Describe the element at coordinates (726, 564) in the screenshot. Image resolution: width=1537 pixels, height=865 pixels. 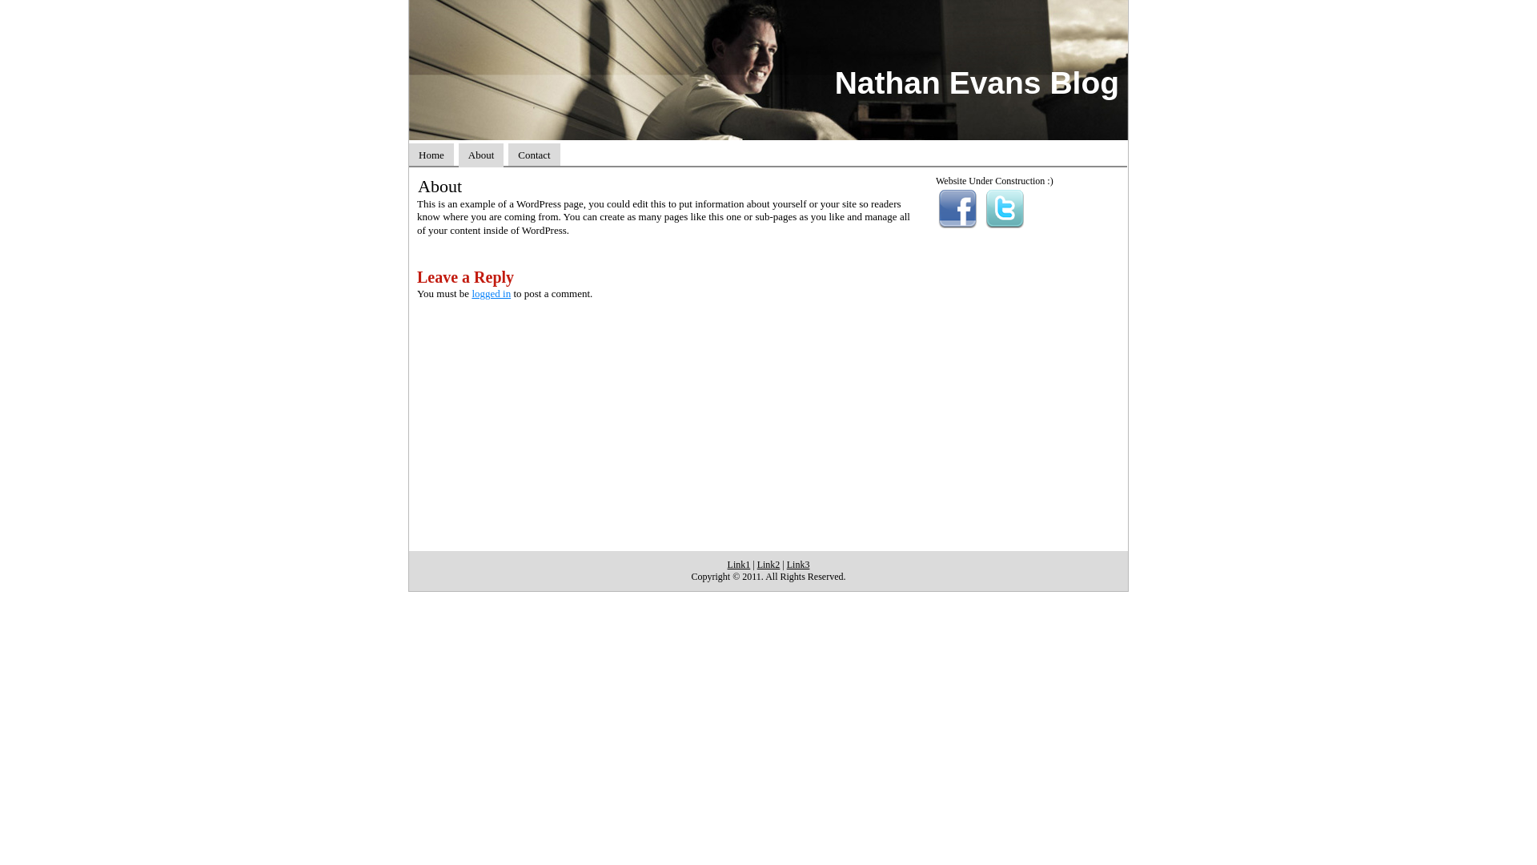
I see `'Link1'` at that location.